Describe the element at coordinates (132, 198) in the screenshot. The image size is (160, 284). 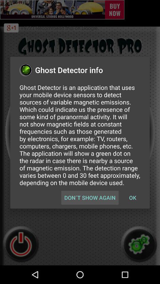
I see `the ok` at that location.